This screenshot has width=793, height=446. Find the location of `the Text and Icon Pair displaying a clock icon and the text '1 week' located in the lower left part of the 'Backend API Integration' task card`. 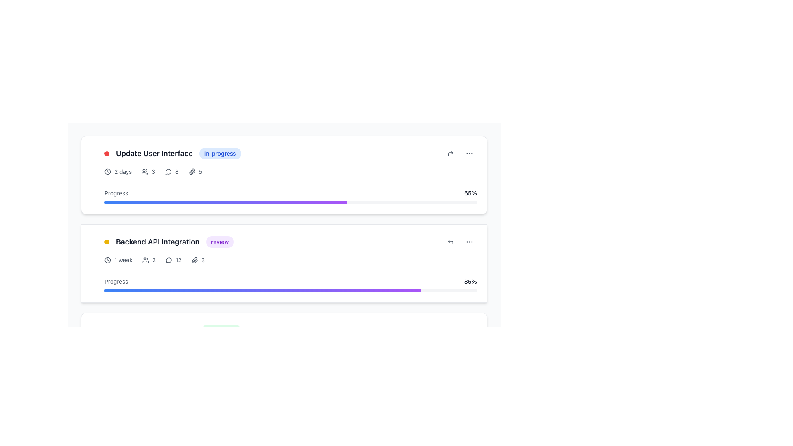

the Text and Icon Pair displaying a clock icon and the text '1 week' located in the lower left part of the 'Backend API Integration' task card is located at coordinates (118, 259).